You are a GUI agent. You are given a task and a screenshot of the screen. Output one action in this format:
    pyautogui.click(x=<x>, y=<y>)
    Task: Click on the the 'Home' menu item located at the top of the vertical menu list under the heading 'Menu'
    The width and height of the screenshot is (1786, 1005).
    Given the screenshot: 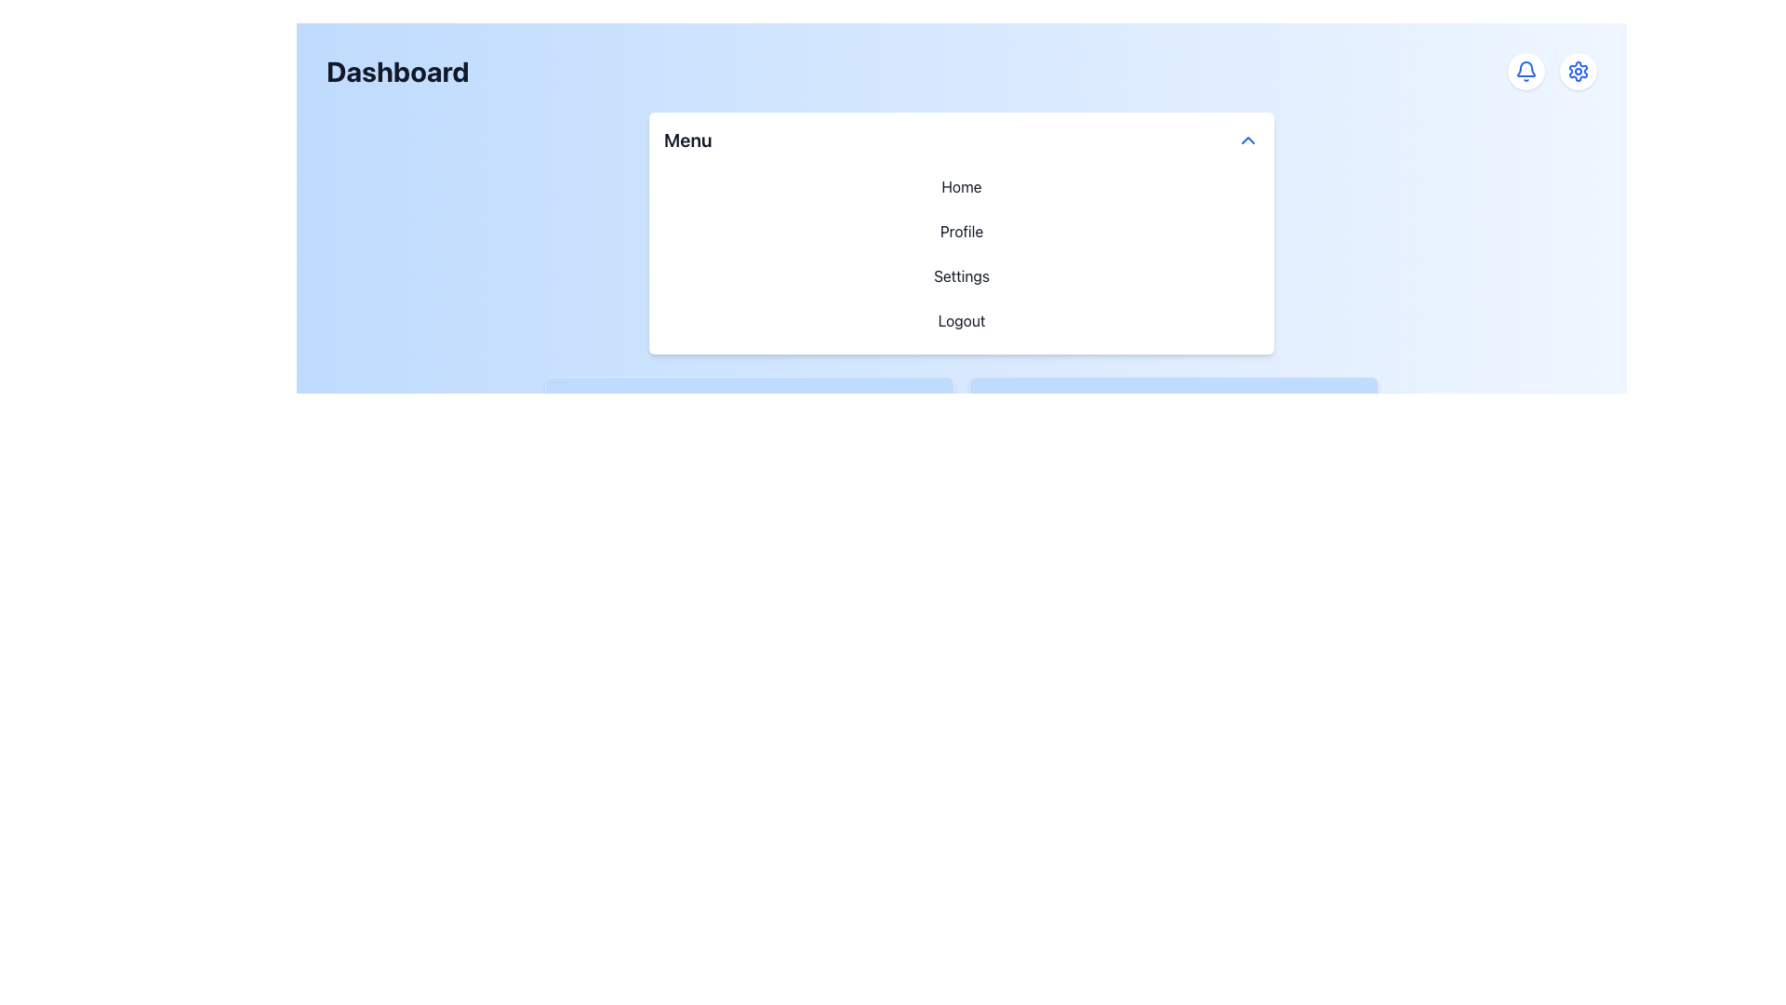 What is the action you would take?
    pyautogui.click(x=961, y=186)
    